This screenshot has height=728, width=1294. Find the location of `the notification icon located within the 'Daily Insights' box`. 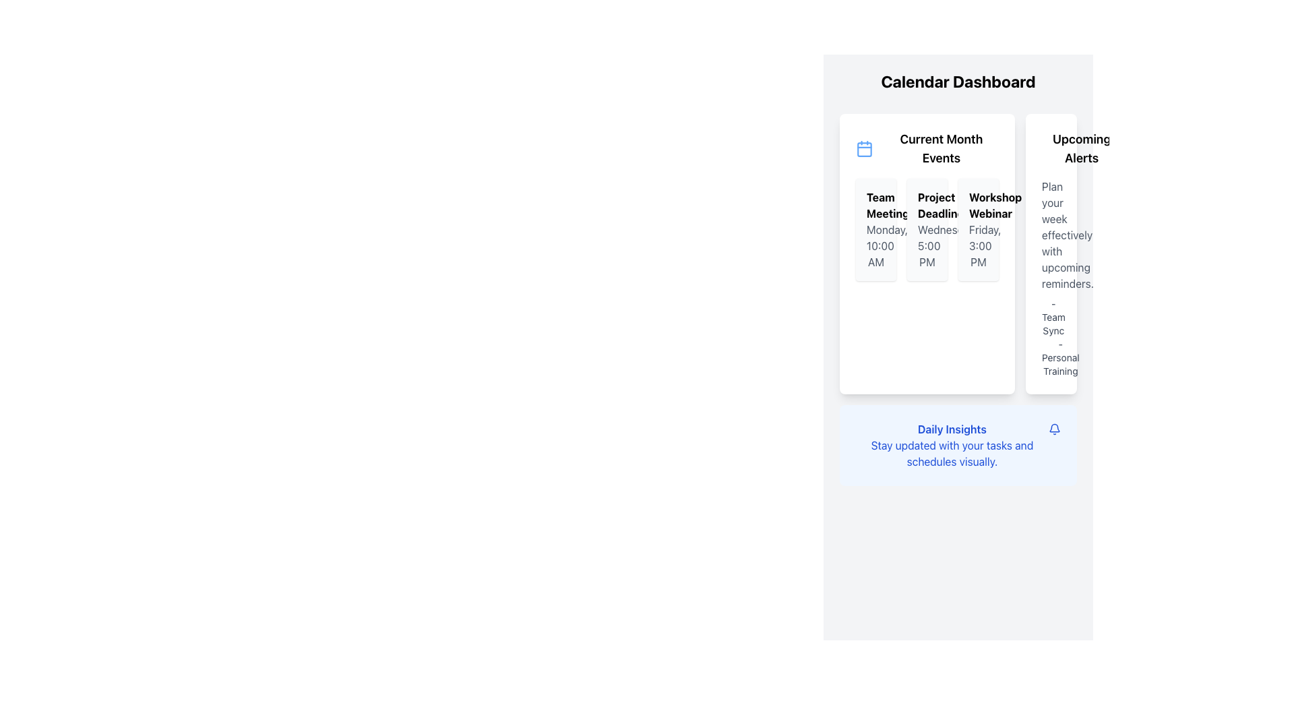

the notification icon located within the 'Daily Insights' box is located at coordinates (1053, 429).